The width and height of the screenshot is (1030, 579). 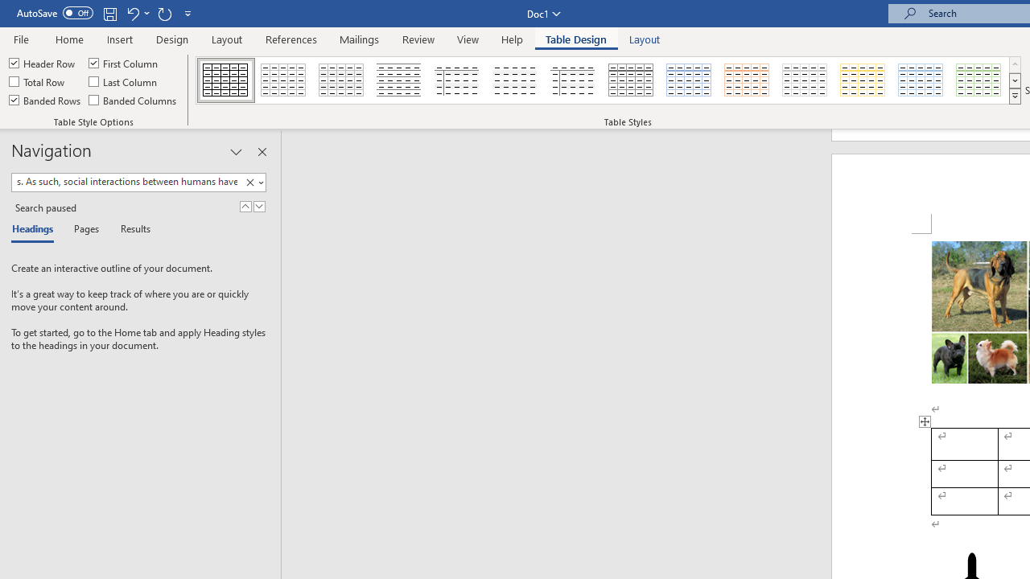 I want to click on 'Clear', so click(x=252, y=182).